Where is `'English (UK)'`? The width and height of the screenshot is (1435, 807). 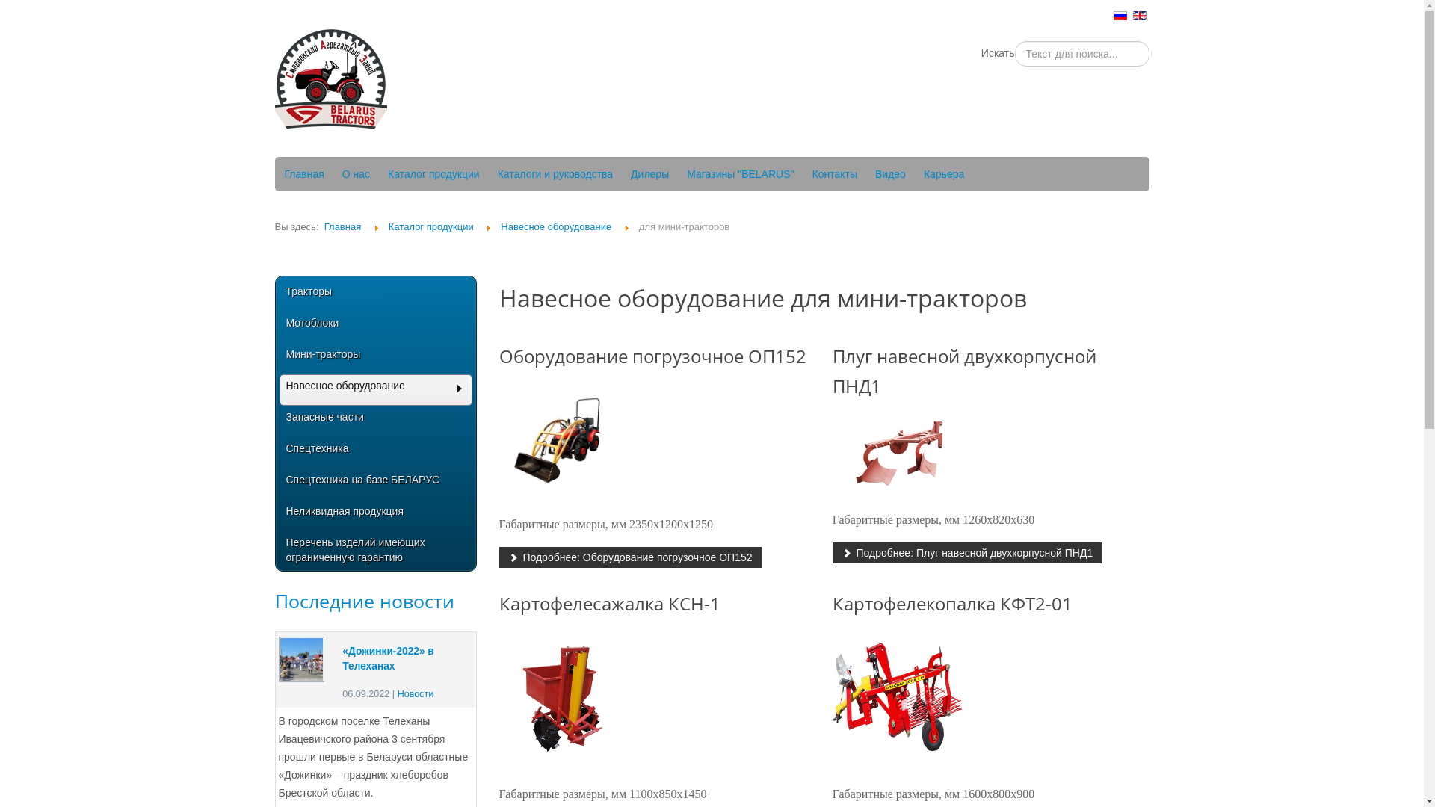 'English (UK)' is located at coordinates (1139, 15).